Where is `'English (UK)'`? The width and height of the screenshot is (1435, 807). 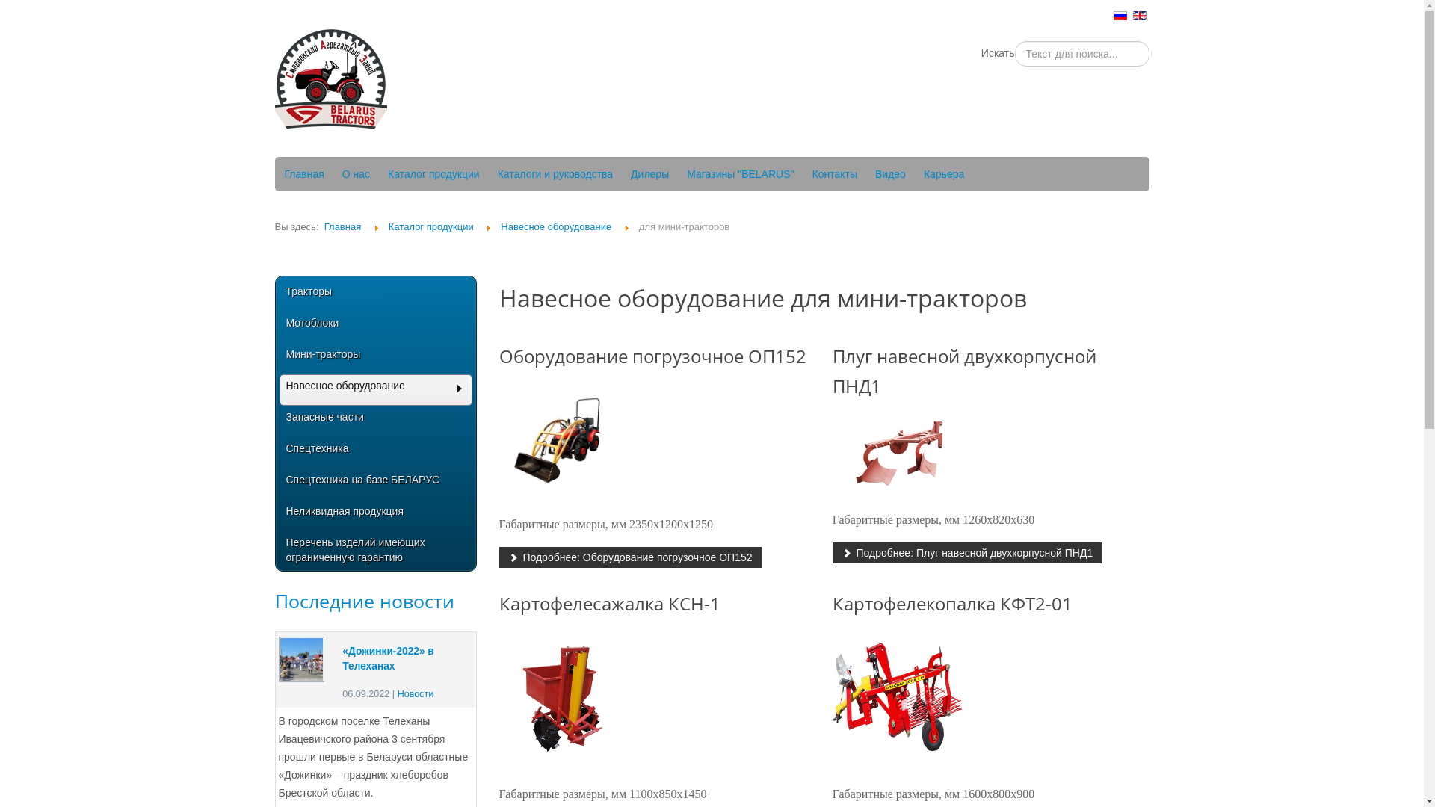 'English (UK)' is located at coordinates (1139, 15).